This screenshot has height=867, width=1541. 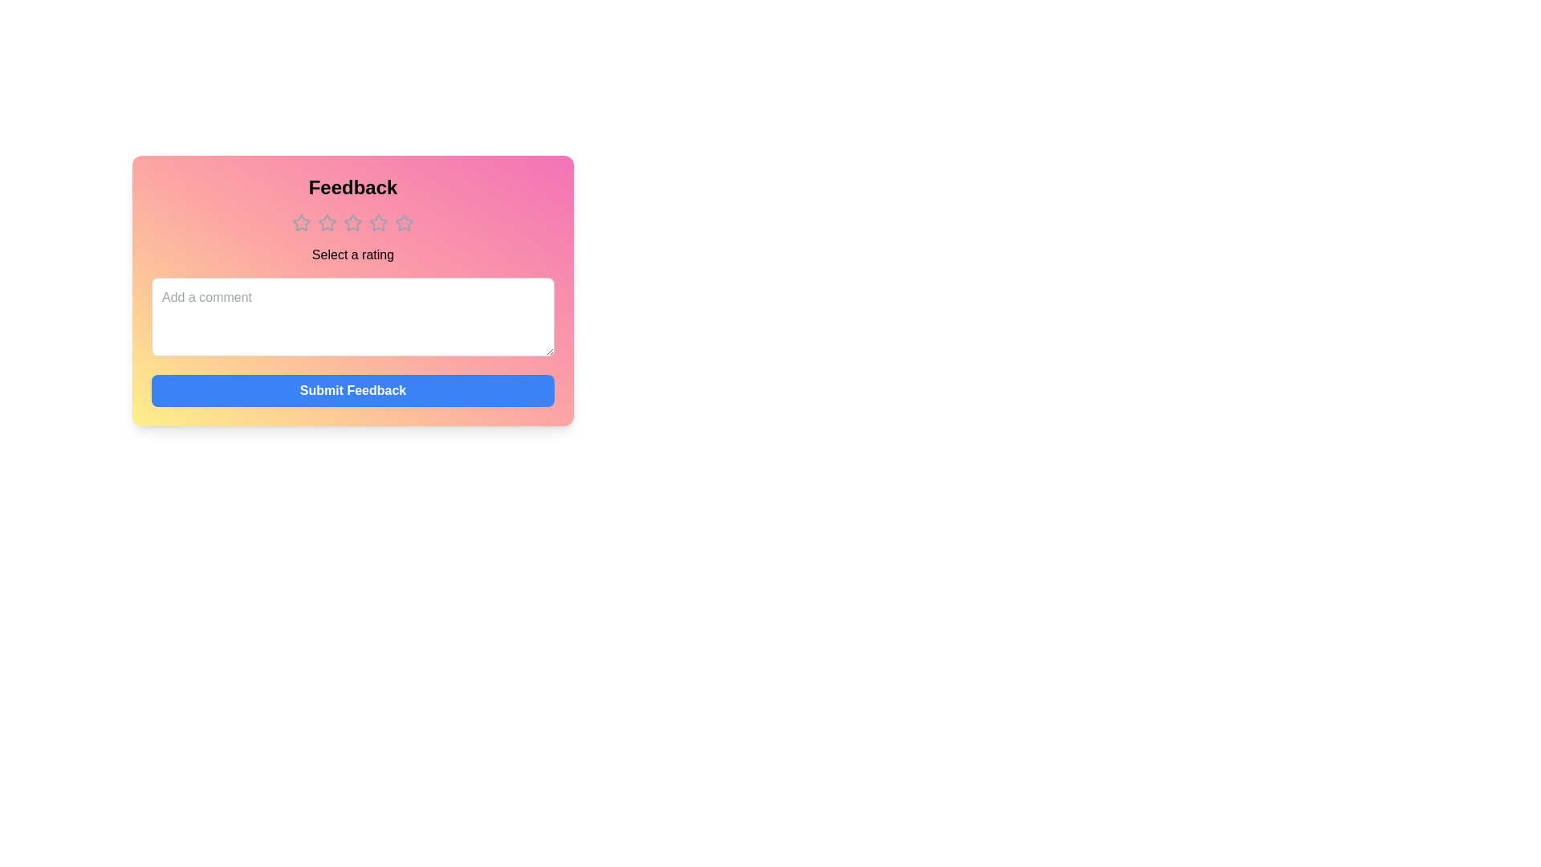 I want to click on the 'Submit Feedback' button to submit the feedback, so click(x=352, y=390).